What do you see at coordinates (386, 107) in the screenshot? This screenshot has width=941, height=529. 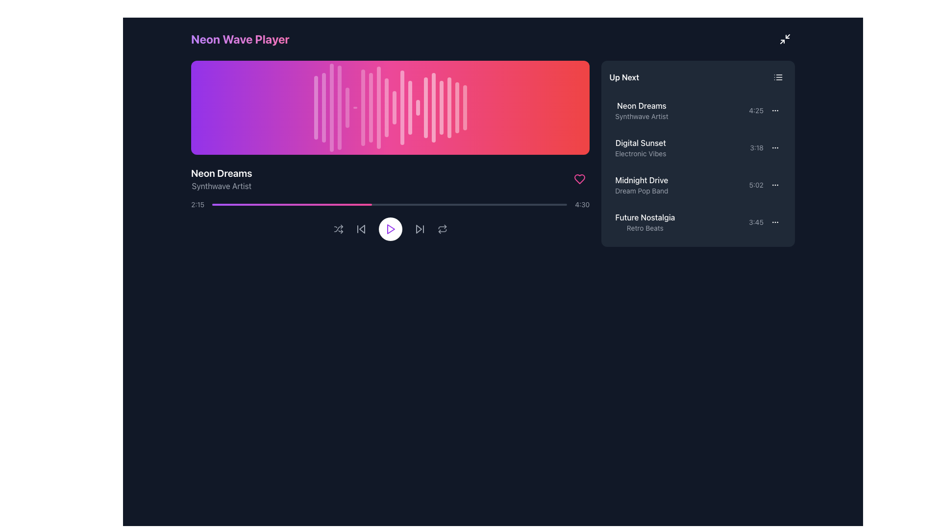 I see `the tenth vertical bar of the waveform display, which visually represents part of the audio waveform` at bounding box center [386, 107].